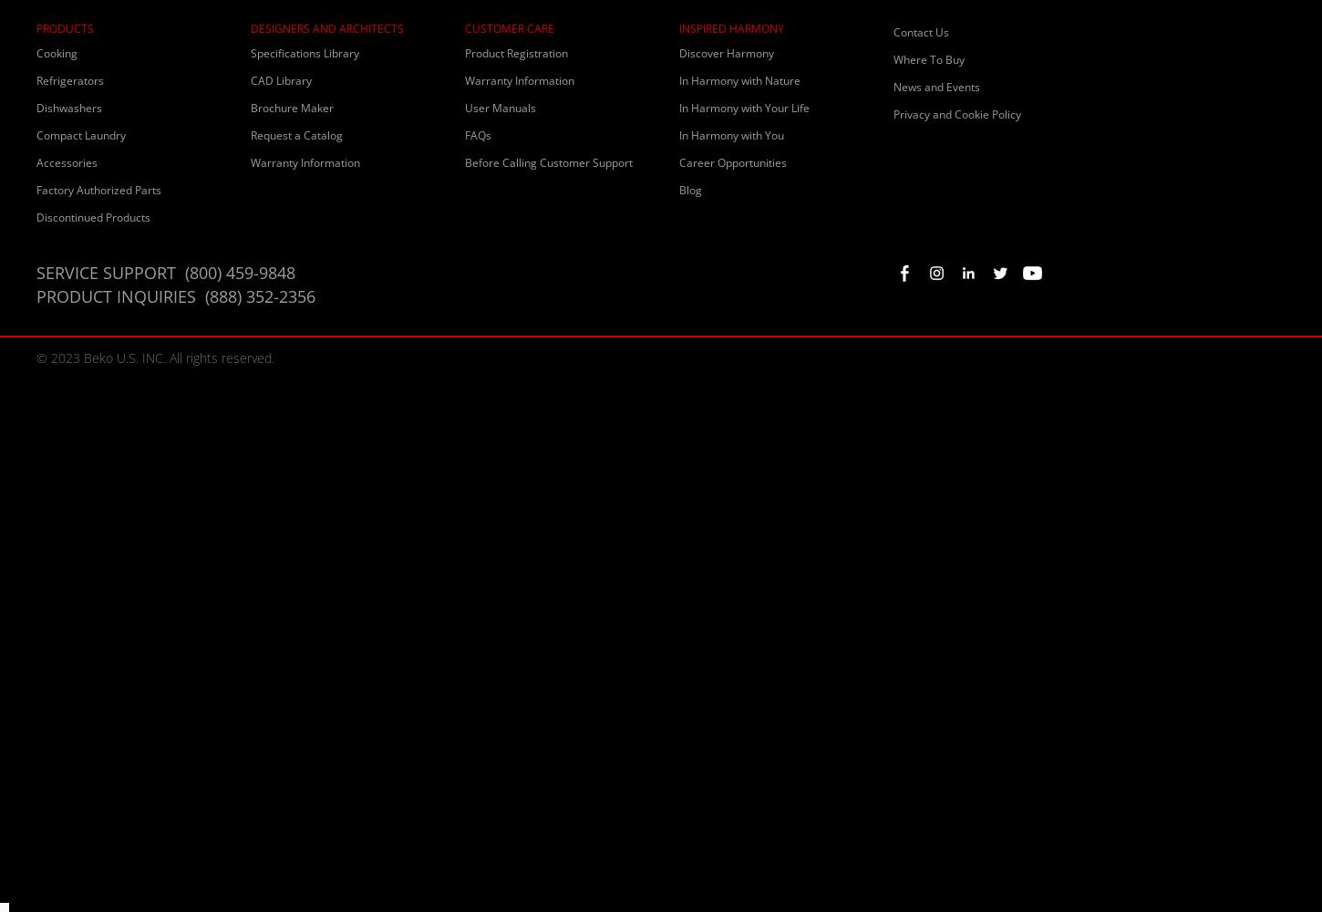 This screenshot has height=912, width=1322. What do you see at coordinates (731, 27) in the screenshot?
I see `'INSPIRED HARMONY'` at bounding box center [731, 27].